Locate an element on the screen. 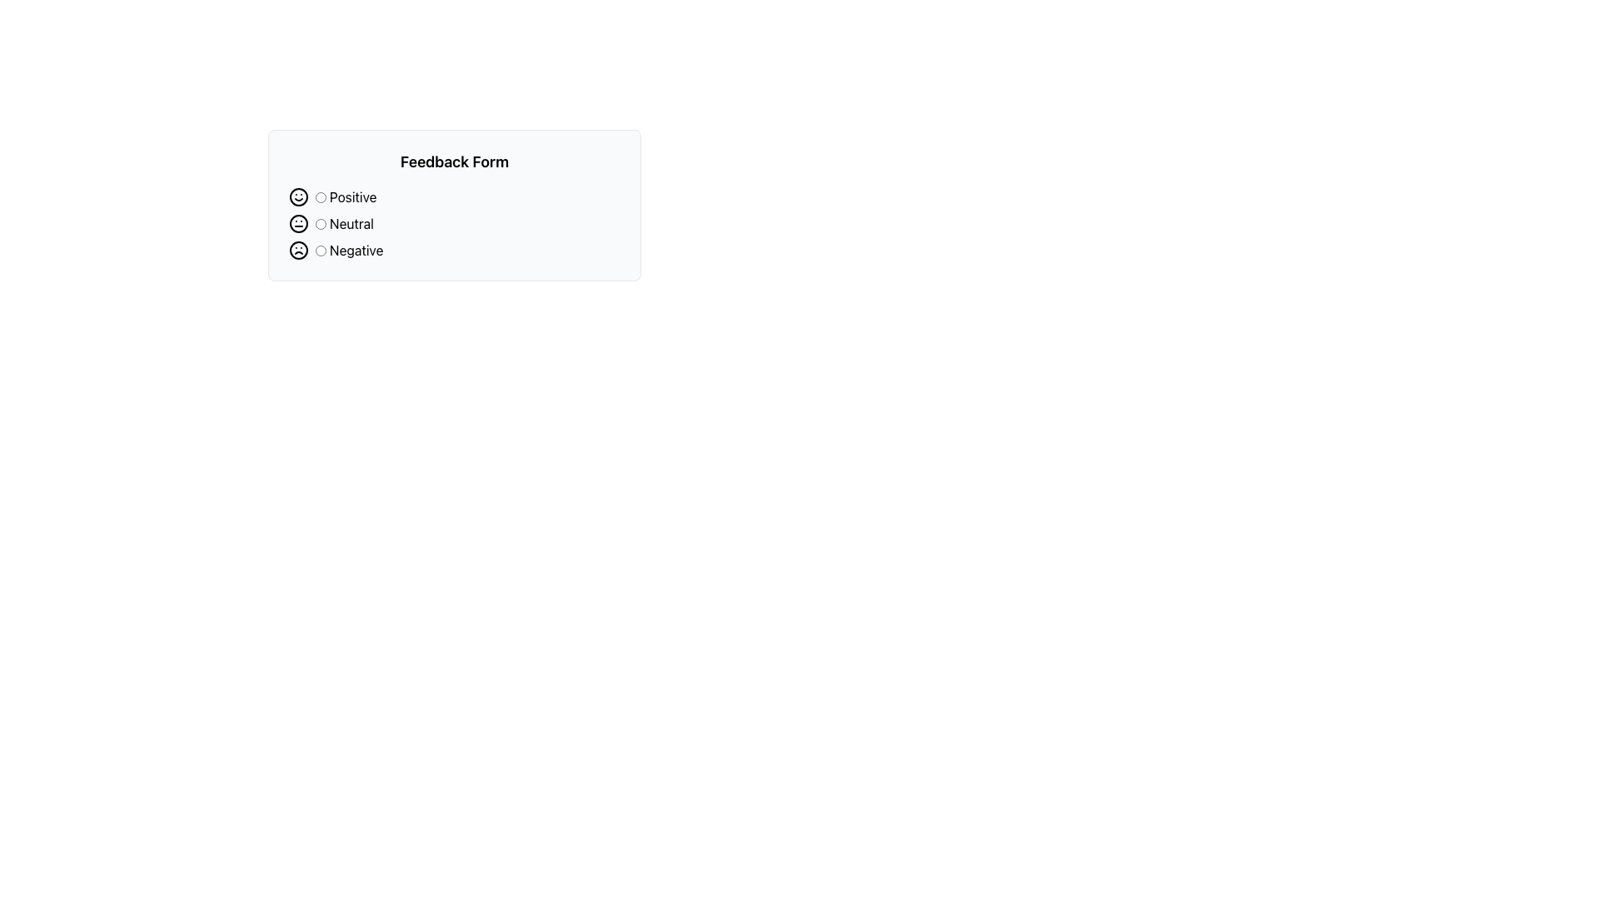  the circular frown face icon located in the 'Feedback Form' section, which is the third element in a vertical stack, directly above the 'Negative' label is located at coordinates (299, 250).